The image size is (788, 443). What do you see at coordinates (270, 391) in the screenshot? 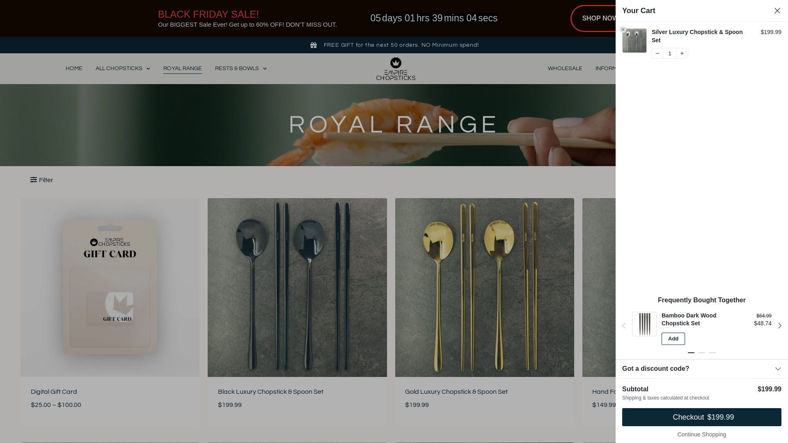
I see `'Black Luxury Chopstick & Spoon Set'` at bounding box center [270, 391].